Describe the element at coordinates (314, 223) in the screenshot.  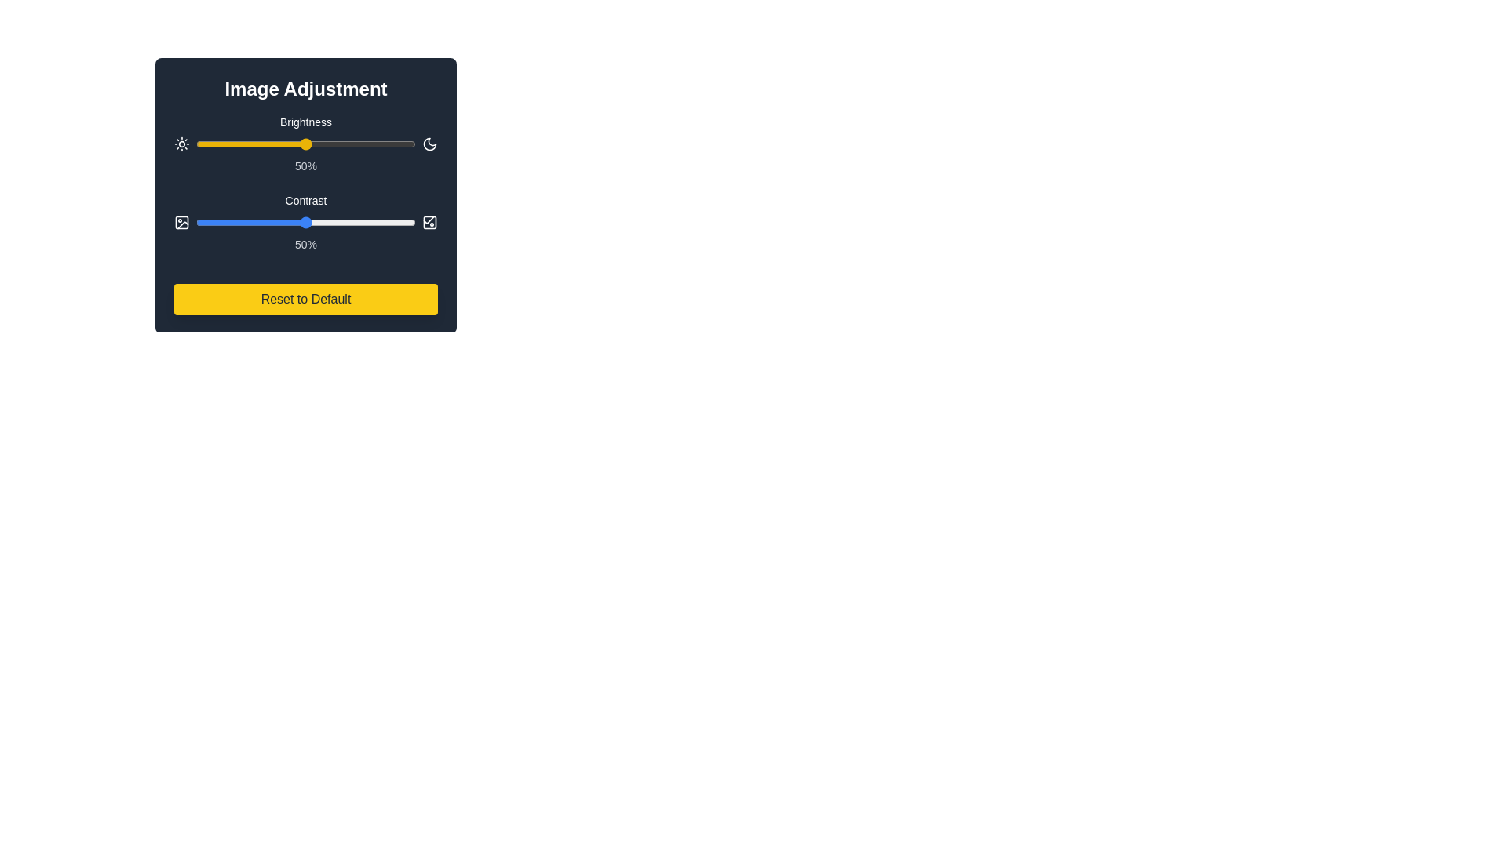
I see `contrast` at that location.